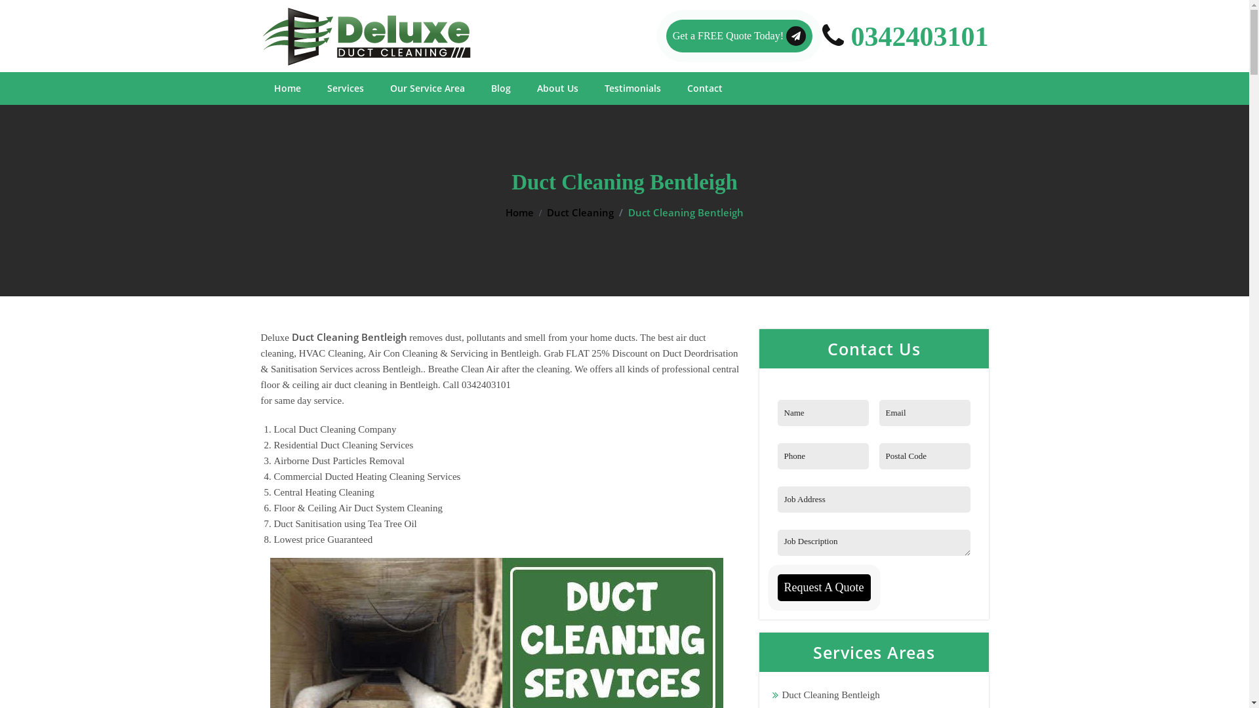 The image size is (1259, 708). I want to click on 'Our Service Area', so click(427, 88).